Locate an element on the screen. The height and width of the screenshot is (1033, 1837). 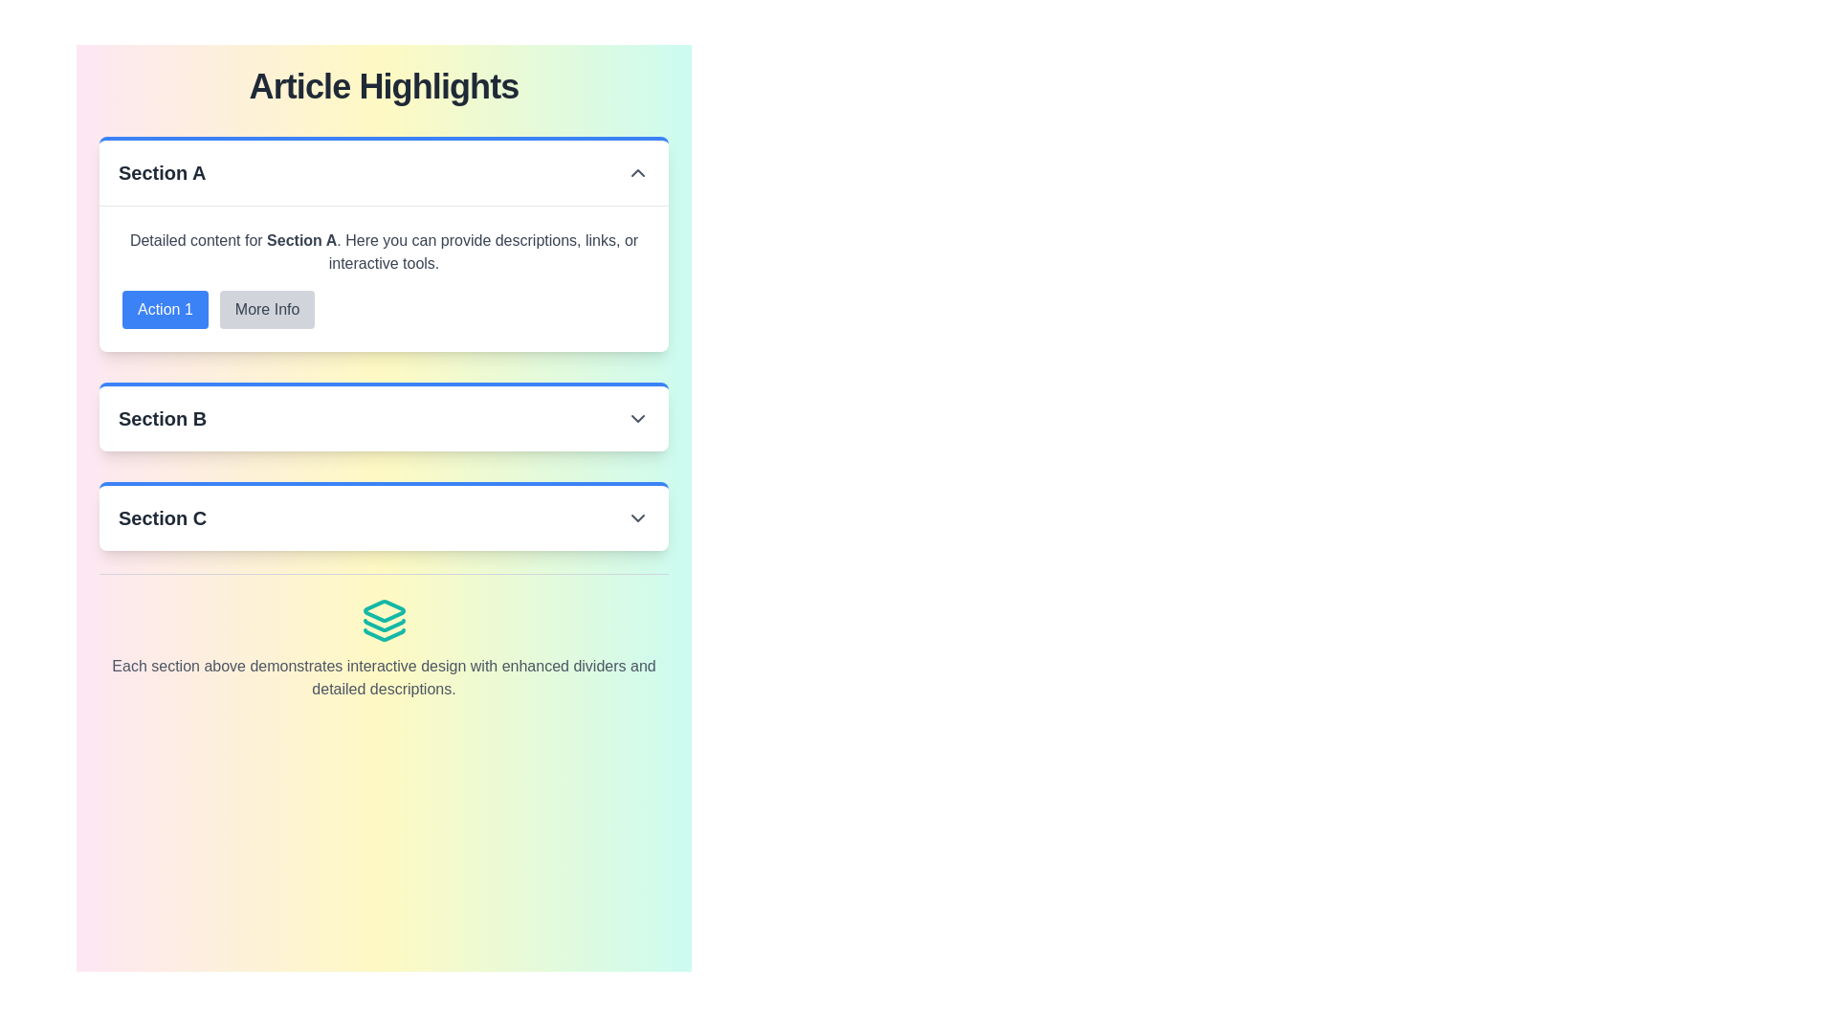
the teal graphical vector icon segment, which is the third and bottom-most segment in the stack-like icon located in the lower-center of the page is located at coordinates (383, 634).